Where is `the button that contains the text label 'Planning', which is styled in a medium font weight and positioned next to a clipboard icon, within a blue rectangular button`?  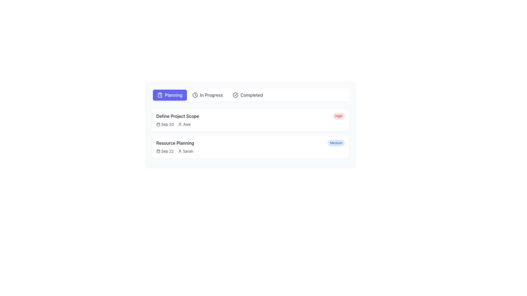 the button that contains the text label 'Planning', which is styled in a medium font weight and positioned next to a clipboard icon, within a blue rectangular button is located at coordinates (173, 95).